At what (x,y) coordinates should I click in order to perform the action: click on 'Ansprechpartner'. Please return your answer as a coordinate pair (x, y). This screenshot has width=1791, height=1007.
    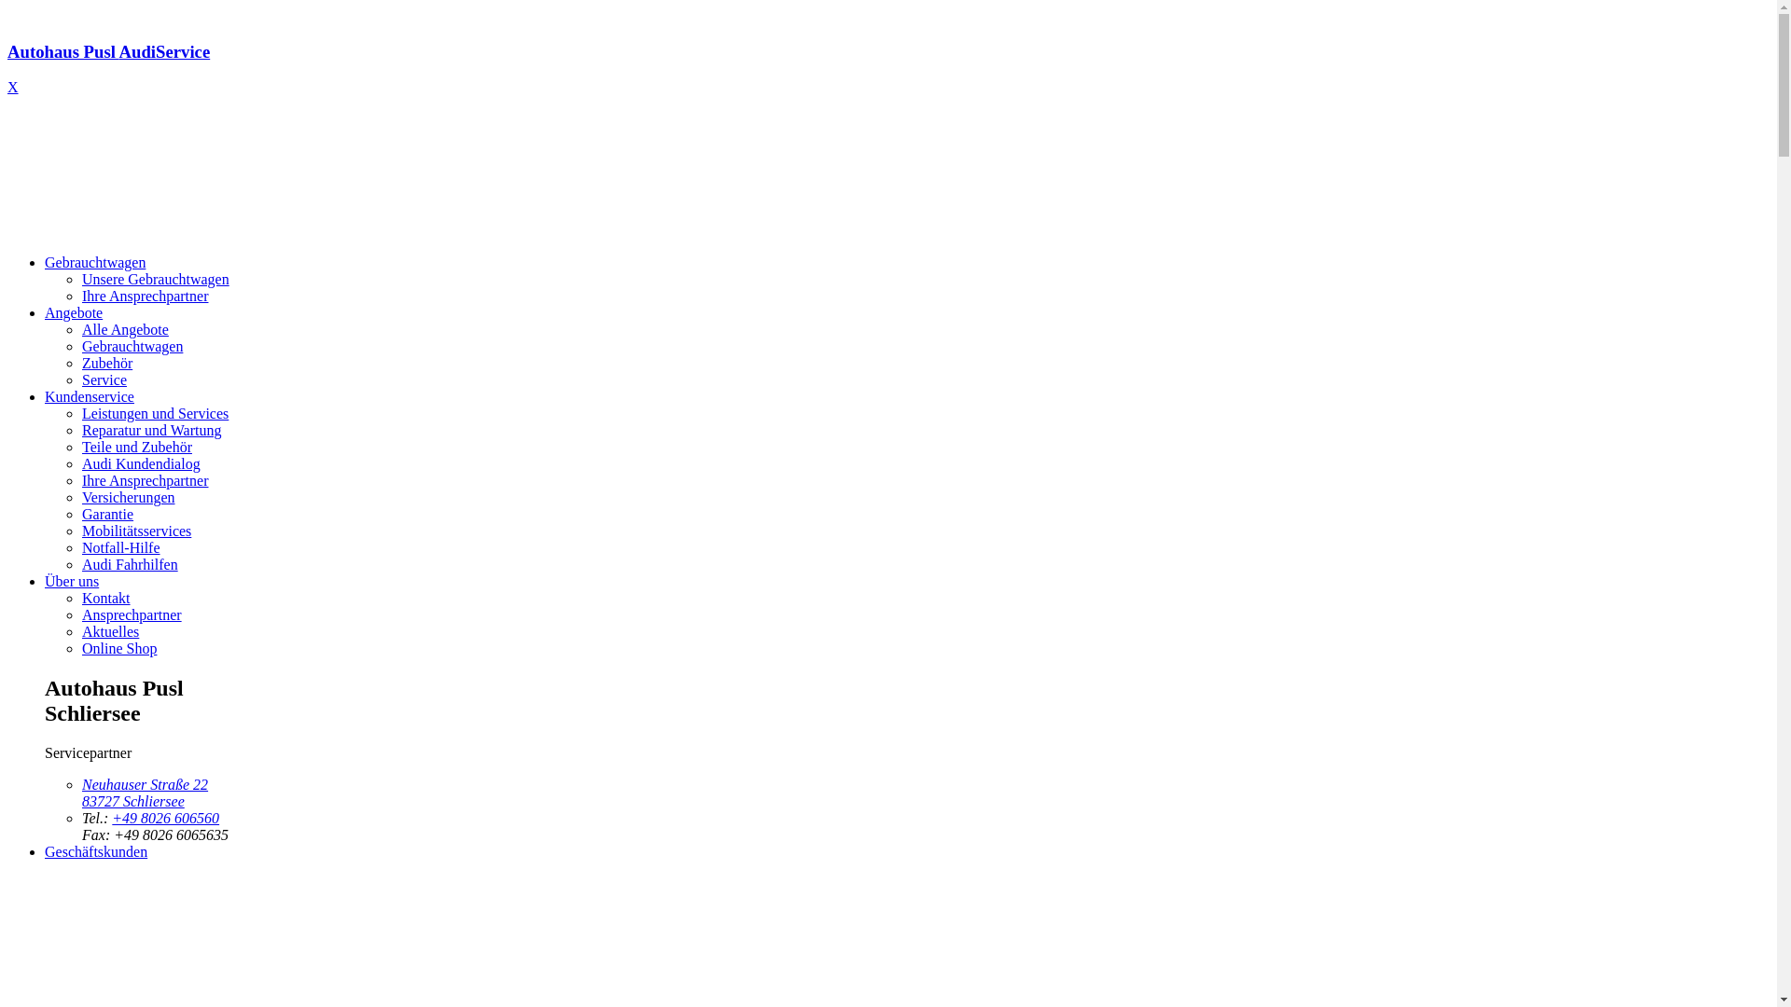
    Looking at the image, I should click on (131, 614).